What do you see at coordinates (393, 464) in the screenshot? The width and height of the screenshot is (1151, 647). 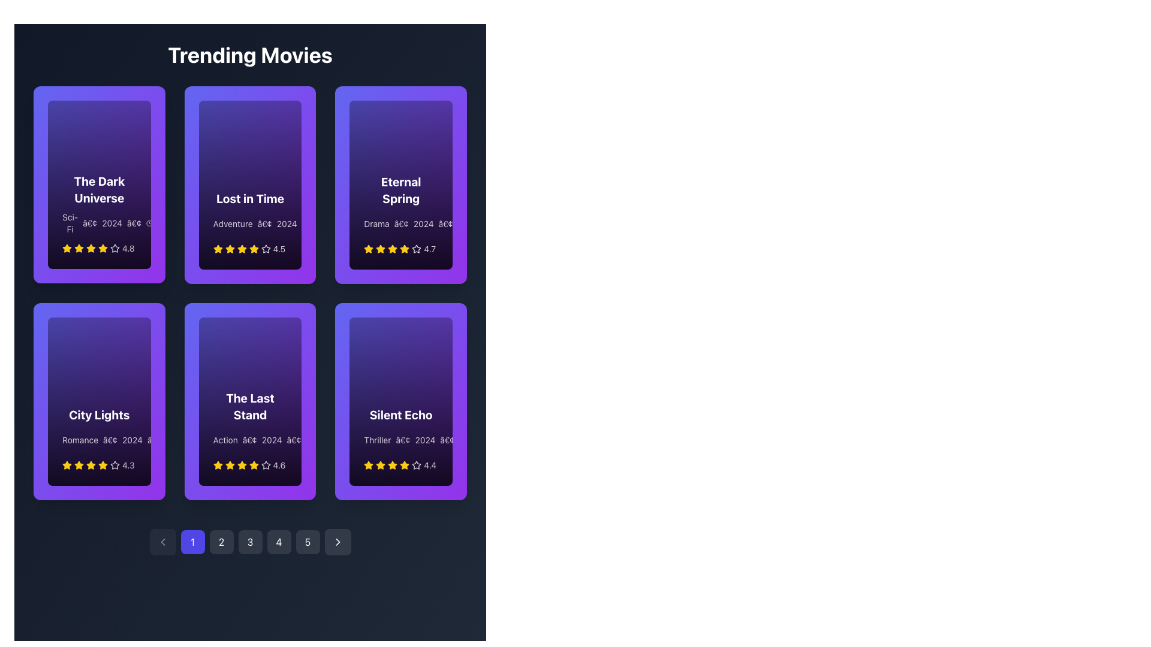 I see `the third star icon in the rating system for the movie 'Silent Echo' to indicate or modify the rating` at bounding box center [393, 464].